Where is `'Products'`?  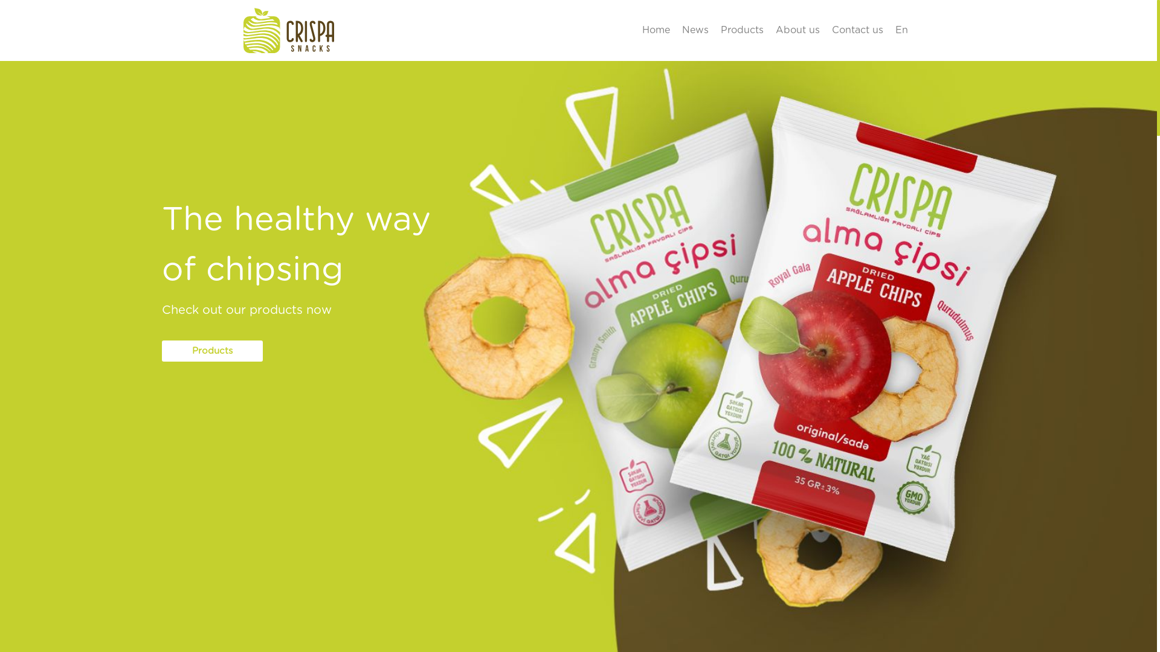 'Products' is located at coordinates (714, 30).